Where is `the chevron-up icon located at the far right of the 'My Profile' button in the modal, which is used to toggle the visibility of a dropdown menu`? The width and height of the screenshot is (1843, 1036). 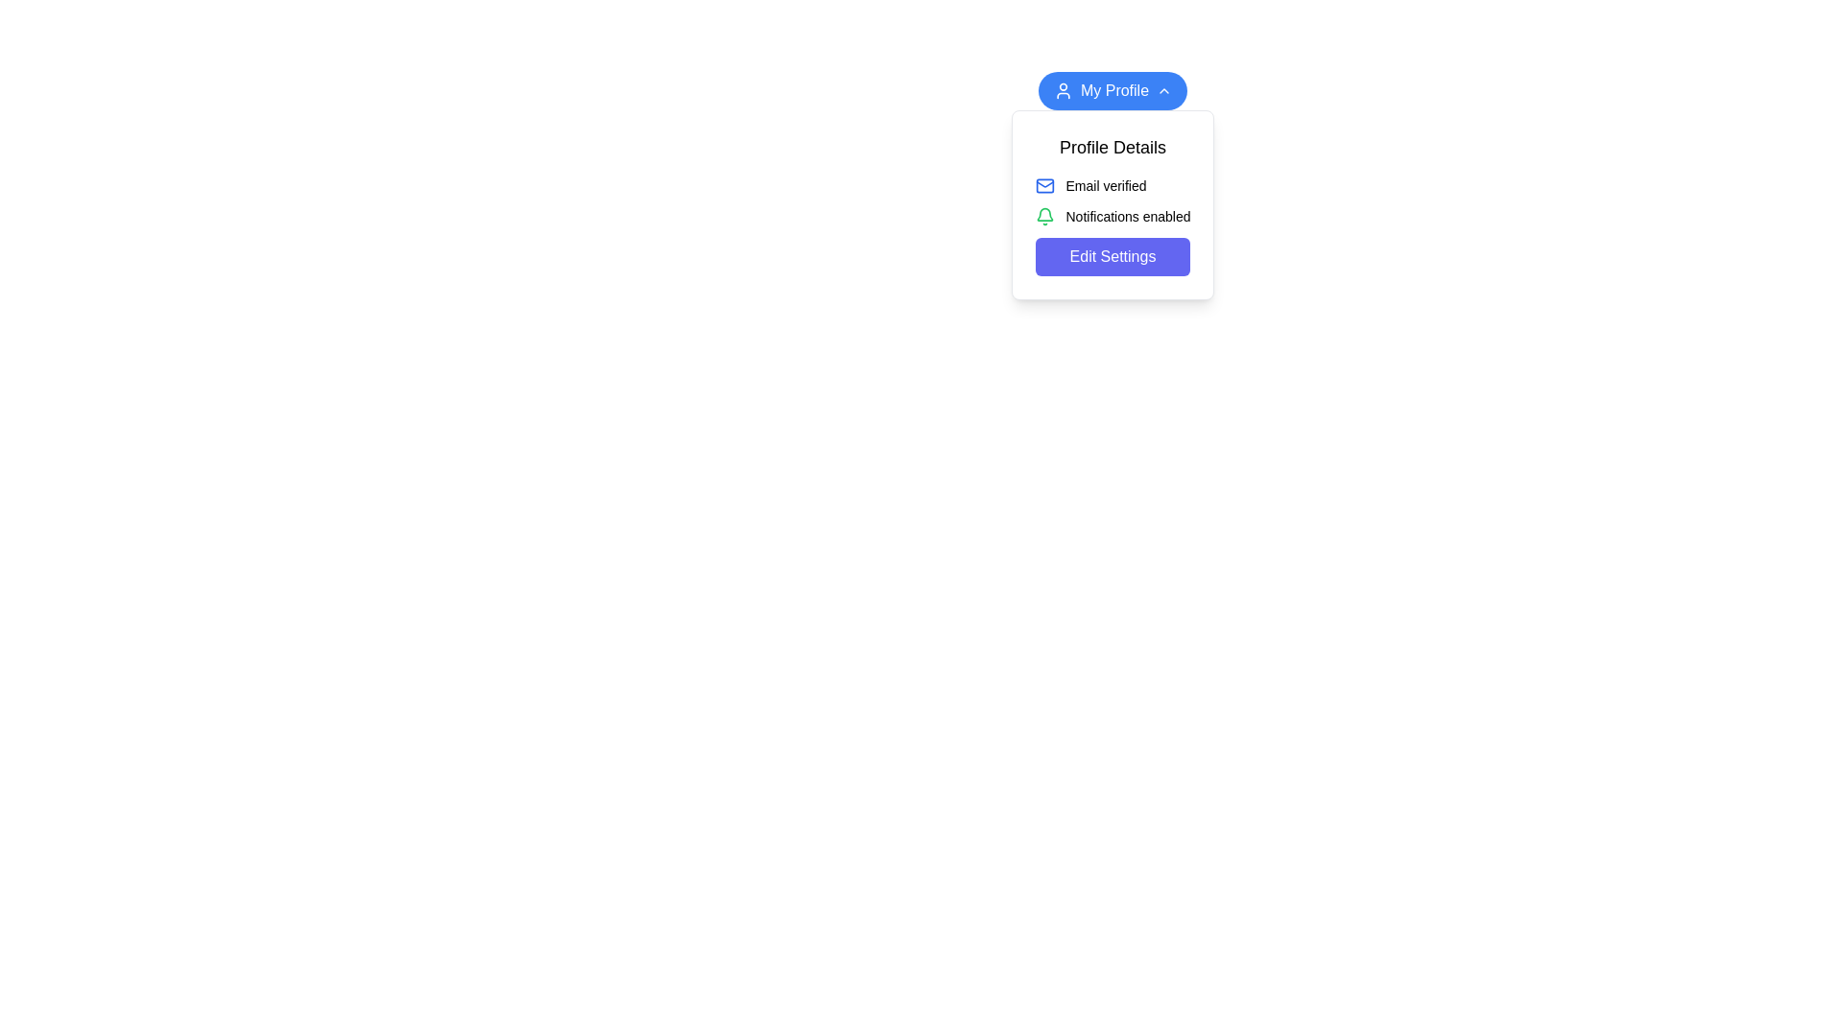 the chevron-up icon located at the far right of the 'My Profile' button in the modal, which is used to toggle the visibility of a dropdown menu is located at coordinates (1163, 91).